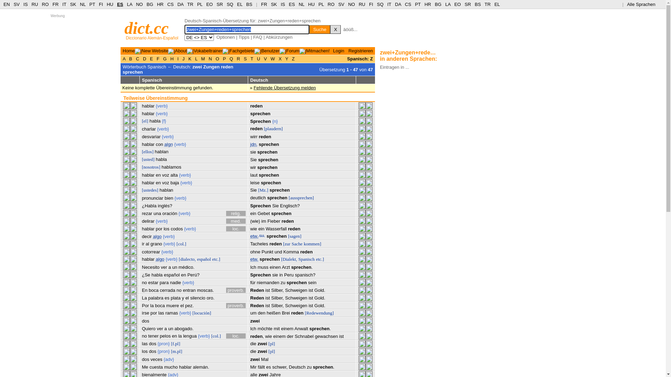 Image resolution: width=671 pixels, height=377 pixels. Describe the element at coordinates (144, 367) in the screenshot. I see `'Me'` at that location.